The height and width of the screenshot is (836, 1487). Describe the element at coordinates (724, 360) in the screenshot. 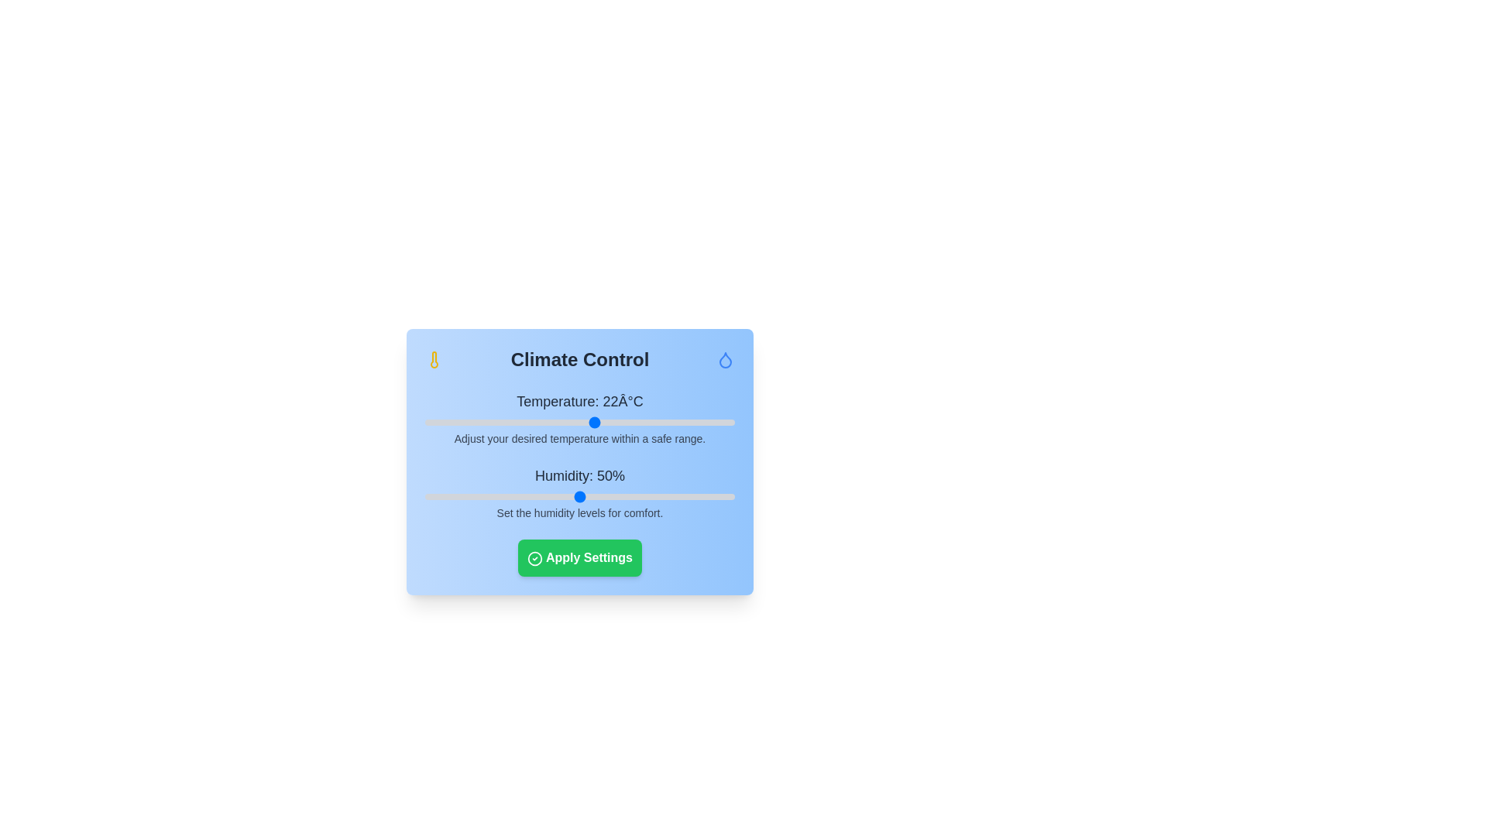

I see `the humidity icon located at the top-right corner of the blue climate control card, which serves as a visual indicator for humidity-related controls` at that location.